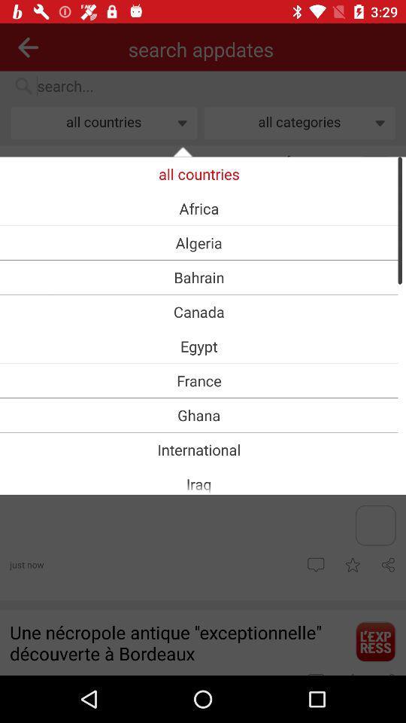  What do you see at coordinates (198, 174) in the screenshot?
I see `item above africa item` at bounding box center [198, 174].